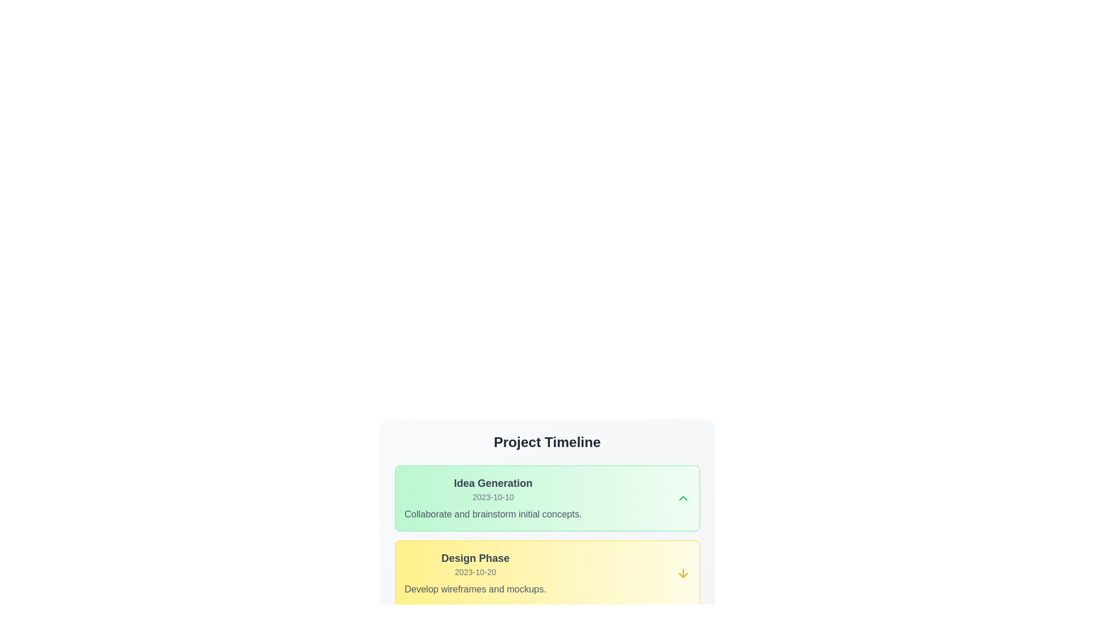 The image size is (1109, 623). Describe the element at coordinates (475, 558) in the screenshot. I see `text label that displays 'Design Phase' in a bold, large, dark-gray font on a light yellow background, positioned centrally above the date '2023-10-20'` at that location.